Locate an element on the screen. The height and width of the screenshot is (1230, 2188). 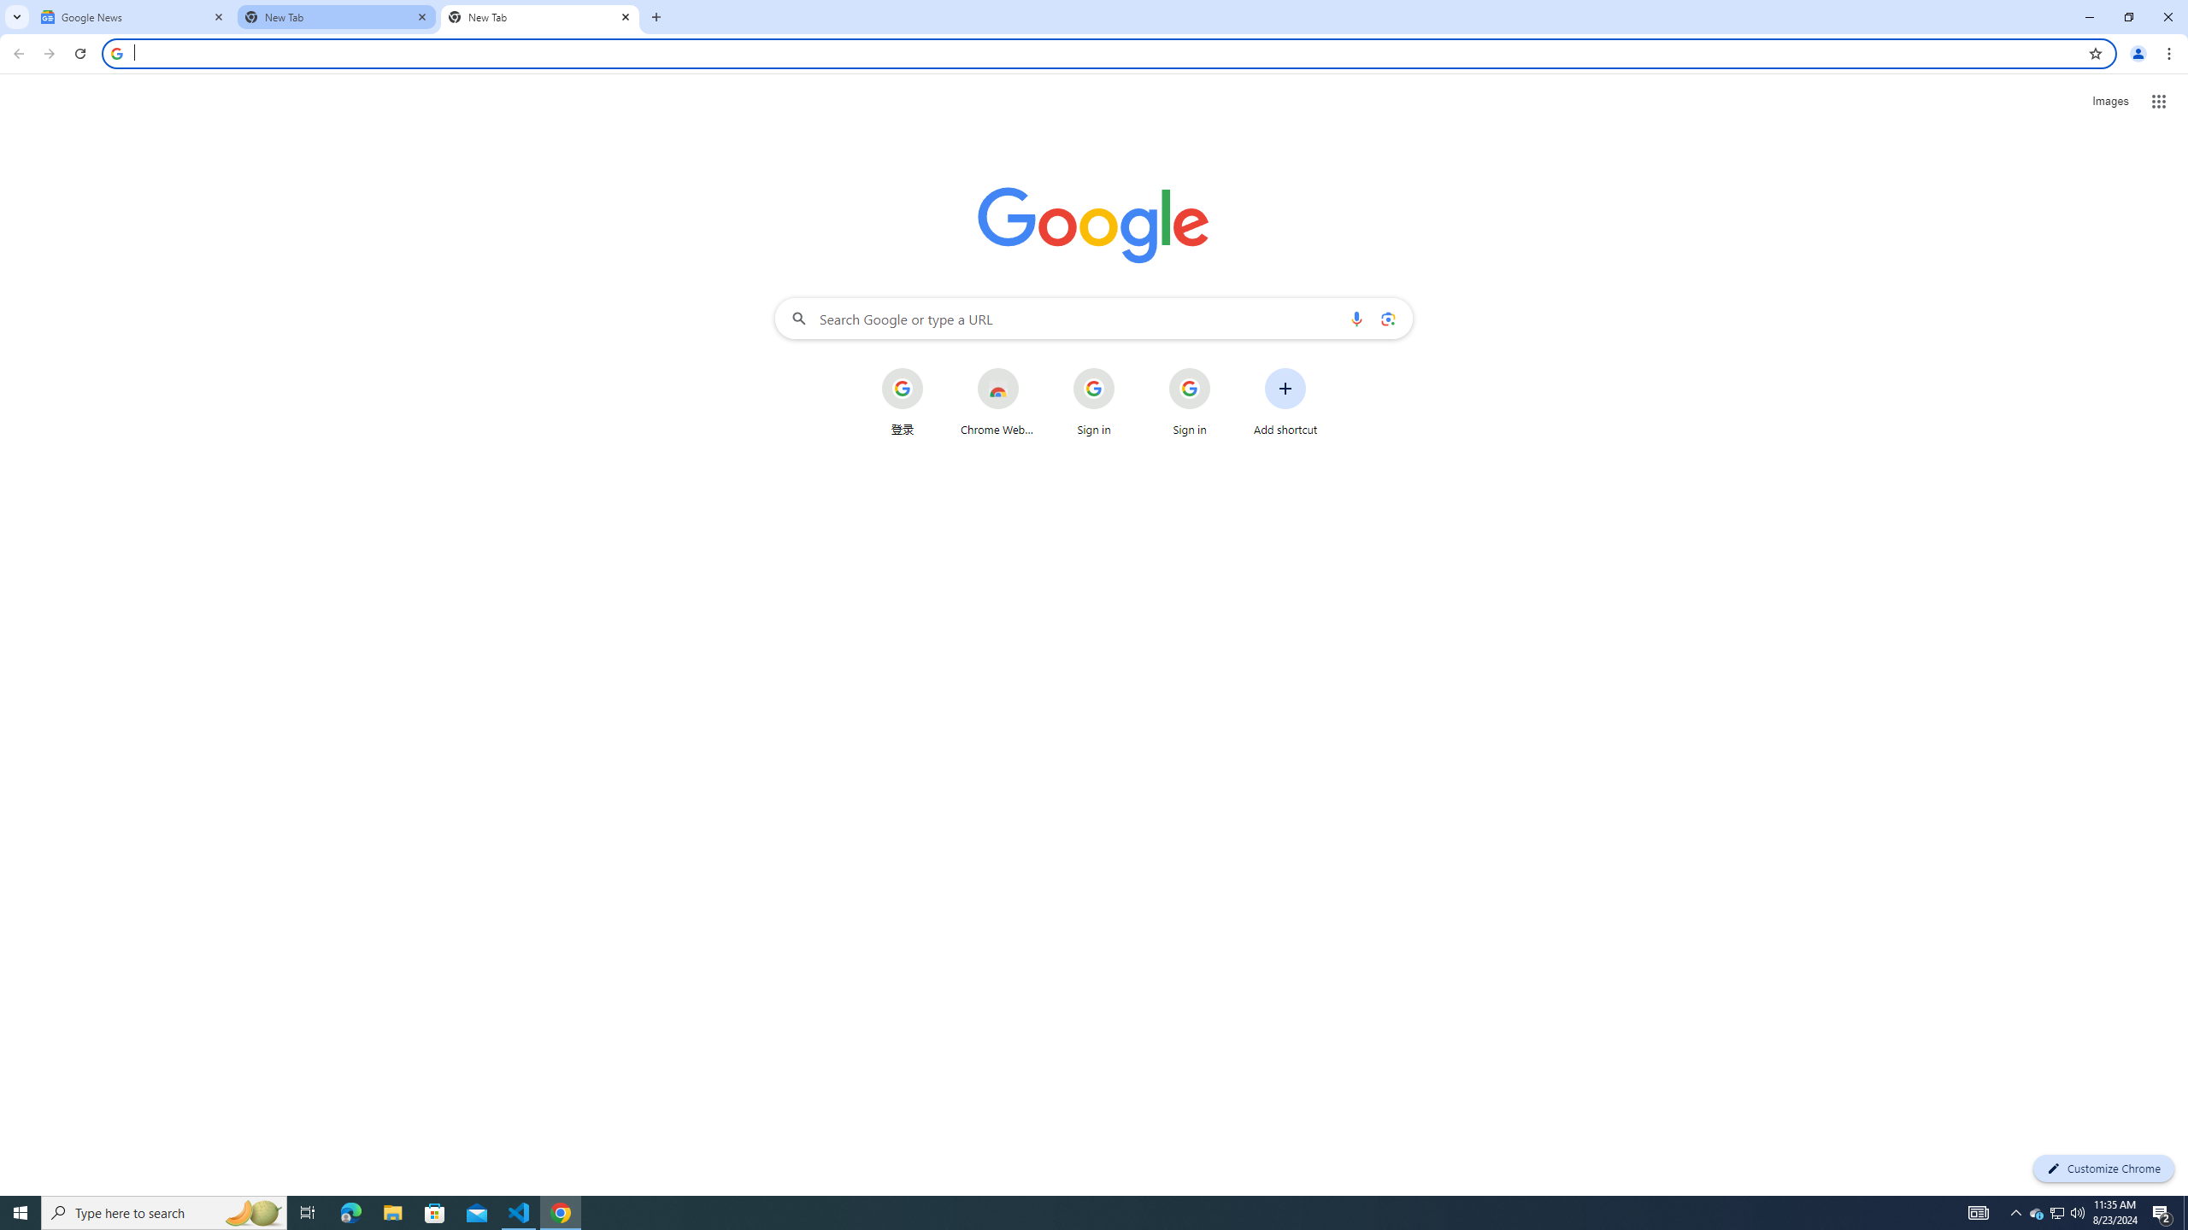
'More actions for Sign in shortcut' is located at coordinates (1223, 369).